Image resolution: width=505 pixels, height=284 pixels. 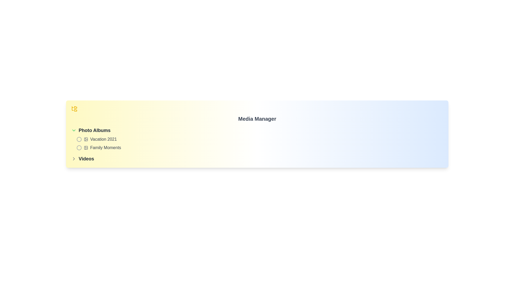 I want to click on the text label displaying 'Vacation 2021' in the second row of the 'Photo Albums' section, which is styled with medium font weight and medium gray color, so click(x=103, y=139).